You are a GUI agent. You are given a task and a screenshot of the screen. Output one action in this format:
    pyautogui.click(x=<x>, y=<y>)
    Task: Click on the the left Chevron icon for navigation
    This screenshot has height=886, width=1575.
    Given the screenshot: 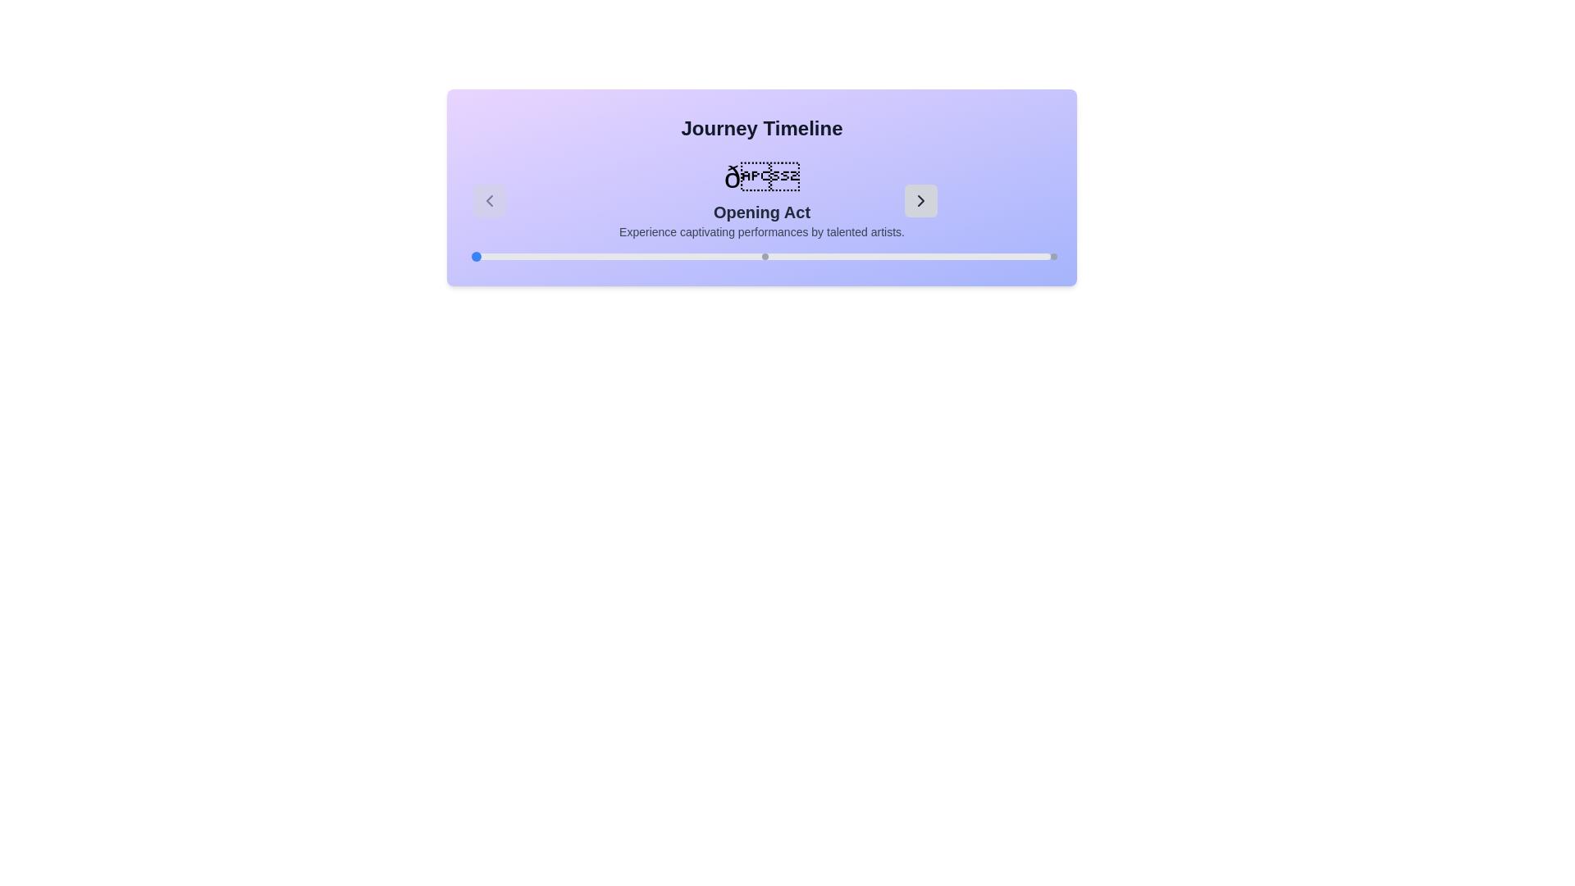 What is the action you would take?
    pyautogui.click(x=488, y=200)
    